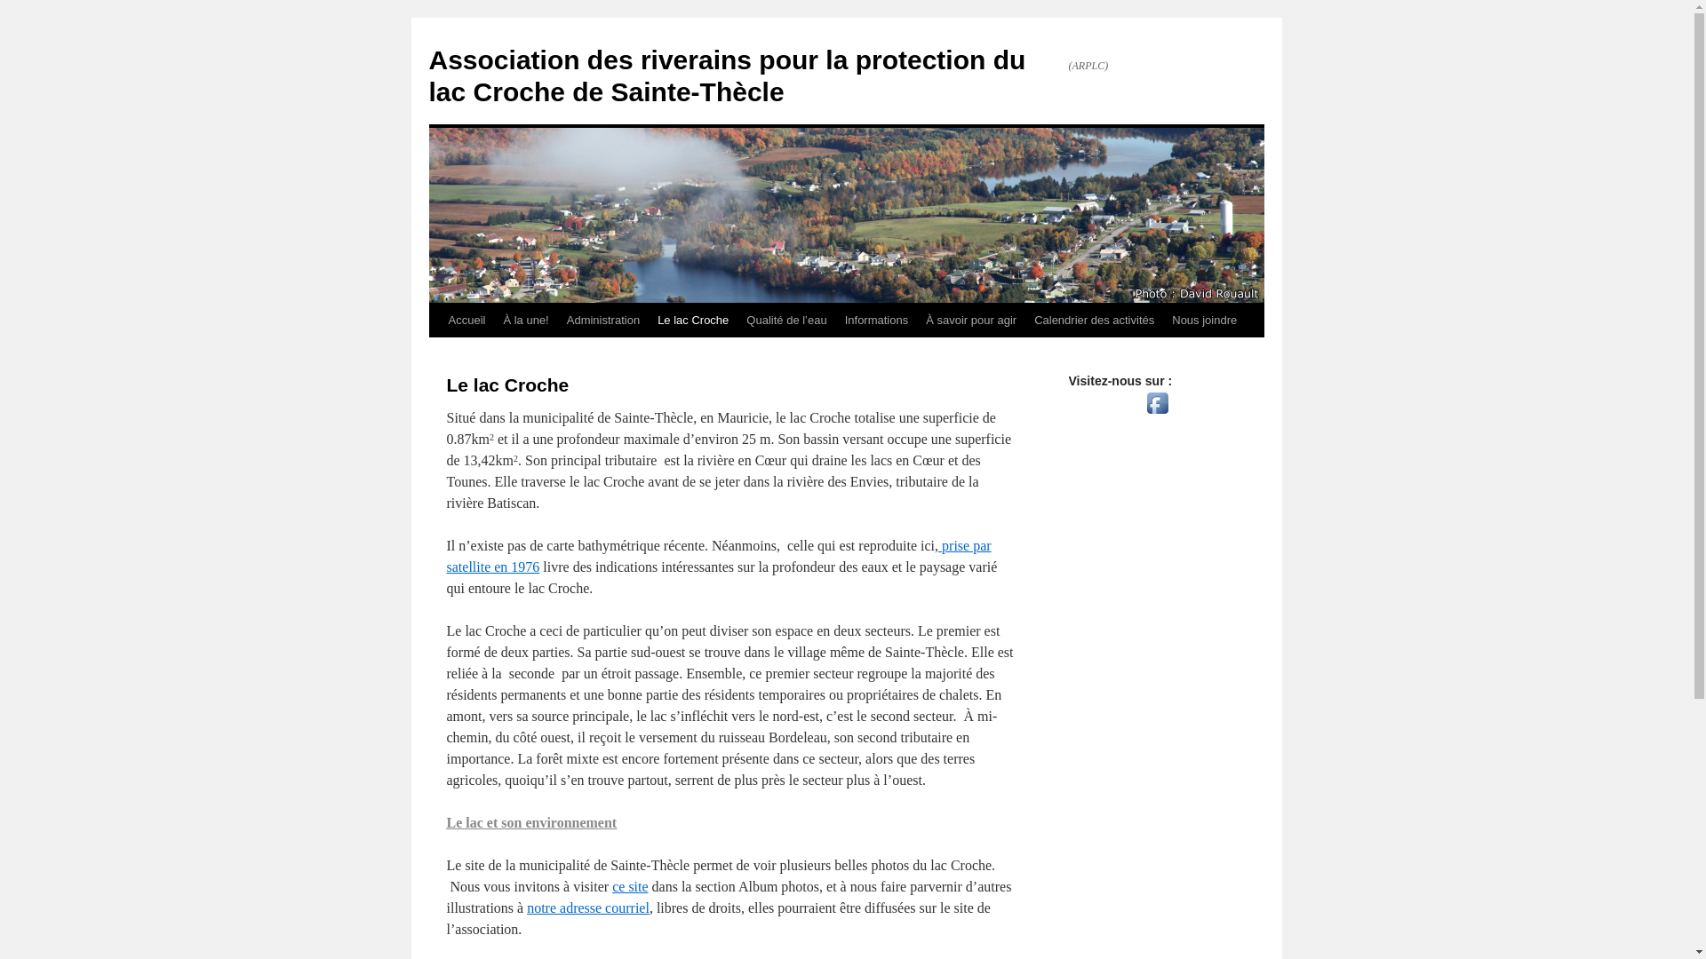 Image resolution: width=1706 pixels, height=959 pixels. I want to click on 'Le lac Croche', so click(691, 321).